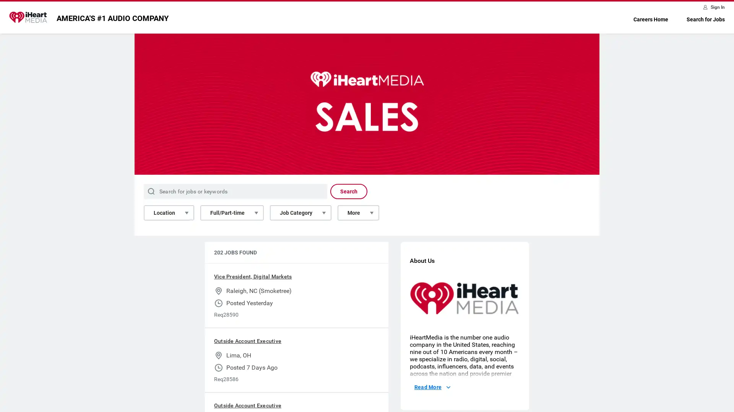 This screenshot has width=734, height=412. I want to click on More, so click(358, 213).